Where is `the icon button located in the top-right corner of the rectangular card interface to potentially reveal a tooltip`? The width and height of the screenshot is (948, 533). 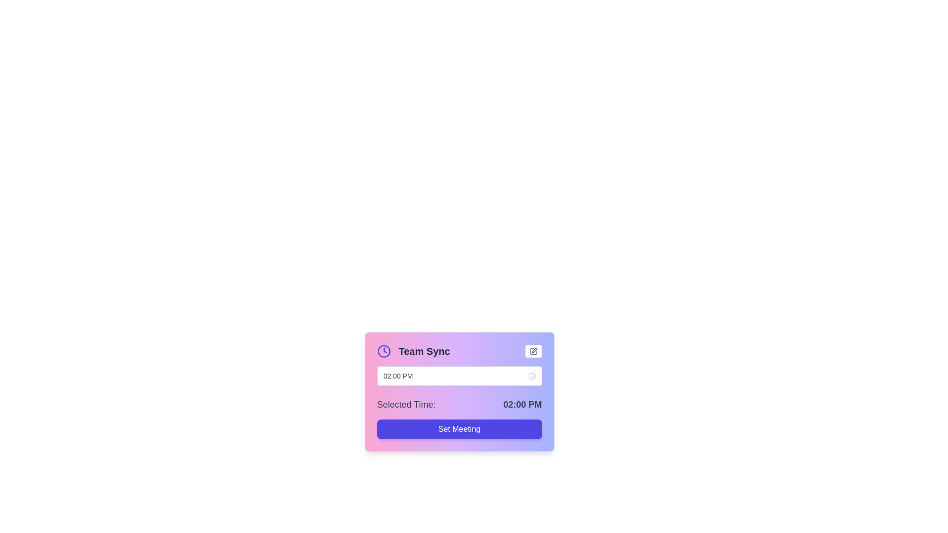
the icon button located in the top-right corner of the rectangular card interface to potentially reveal a tooltip is located at coordinates (533, 351).